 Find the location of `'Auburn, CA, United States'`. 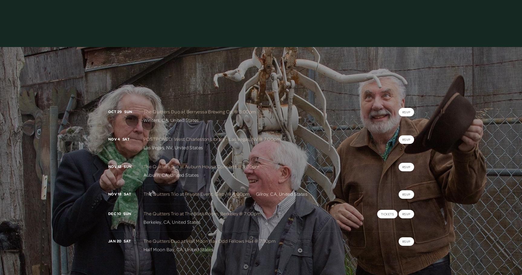

'Auburn, CA, United States' is located at coordinates (170, 175).